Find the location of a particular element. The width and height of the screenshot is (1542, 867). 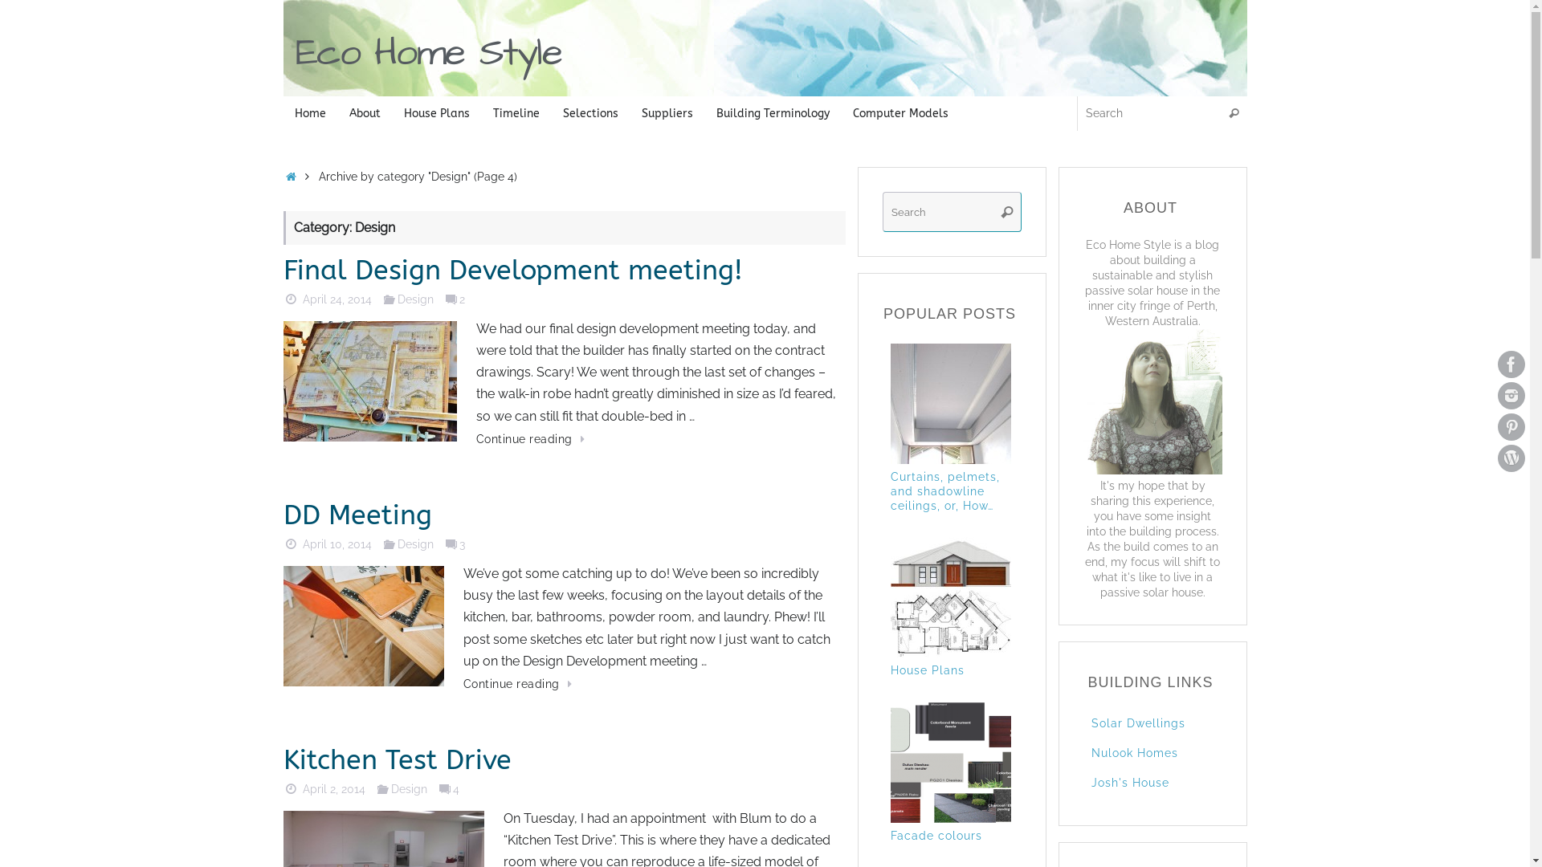

'Building Terminology' is located at coordinates (773, 112).